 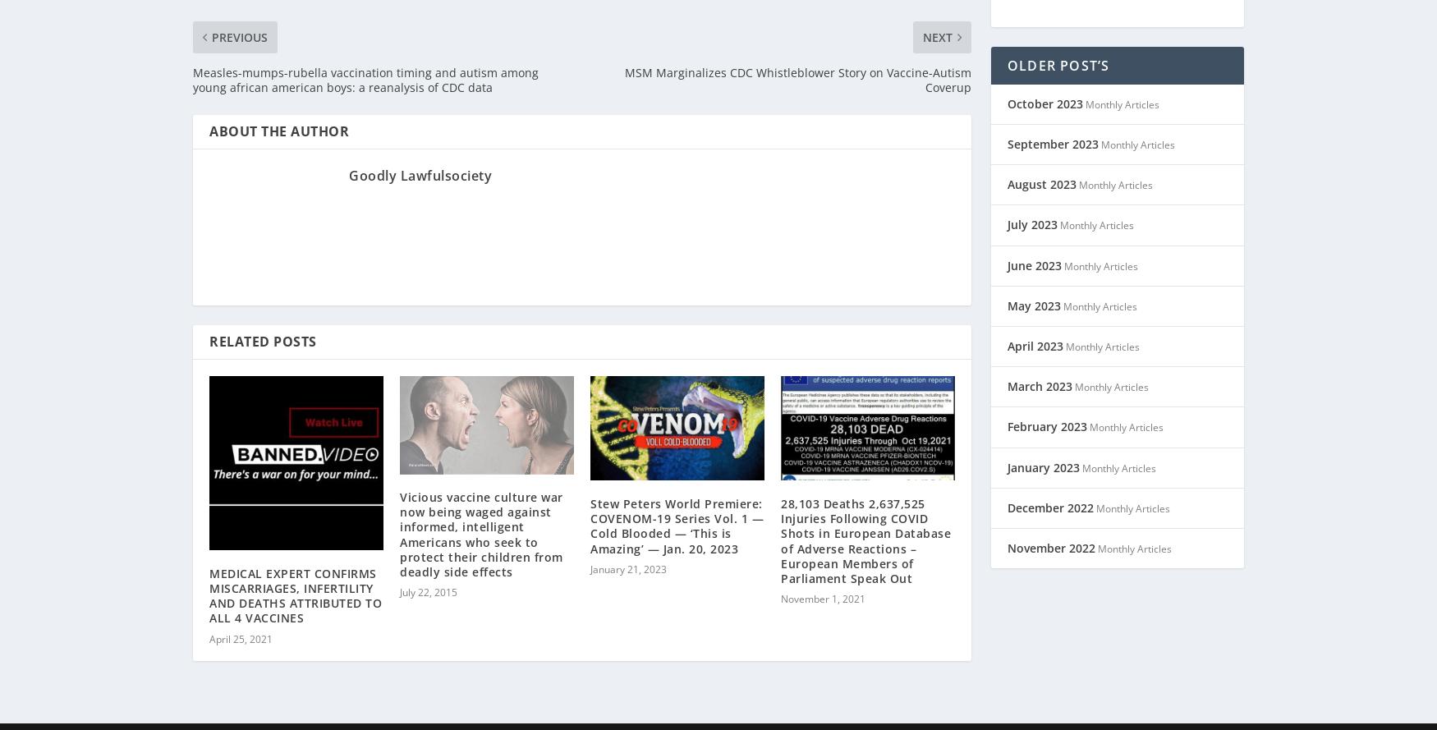 I want to click on 'November 2022', so click(x=1050, y=526).